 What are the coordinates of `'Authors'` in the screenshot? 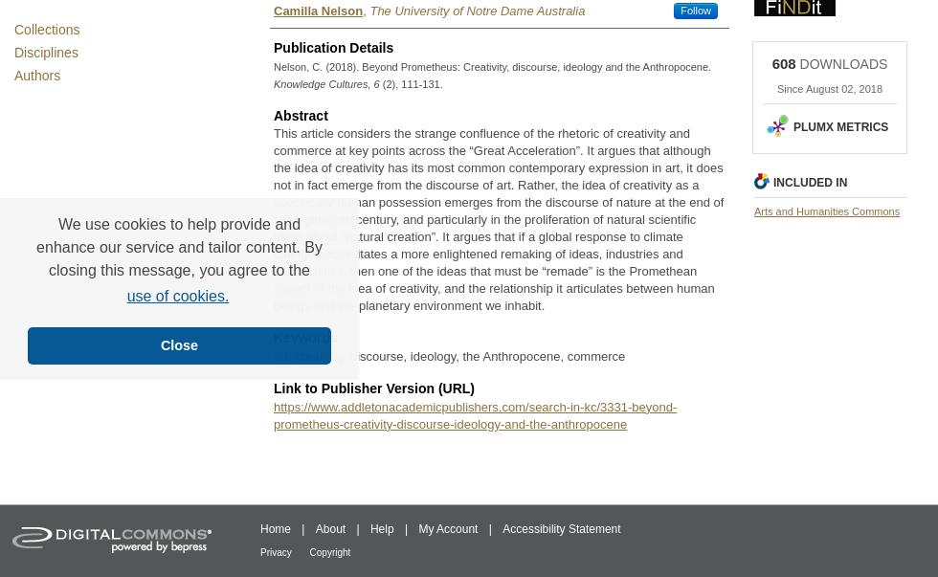 It's located at (37, 74).